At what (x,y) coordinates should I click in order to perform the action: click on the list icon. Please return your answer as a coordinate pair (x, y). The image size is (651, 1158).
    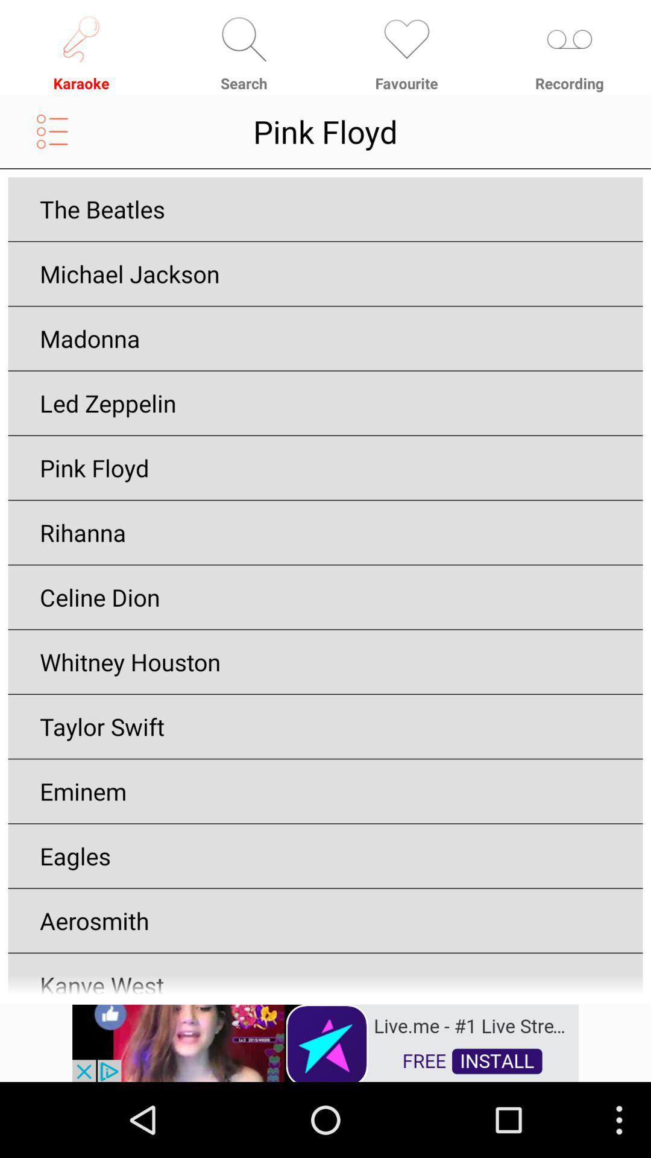
    Looking at the image, I should click on (52, 141).